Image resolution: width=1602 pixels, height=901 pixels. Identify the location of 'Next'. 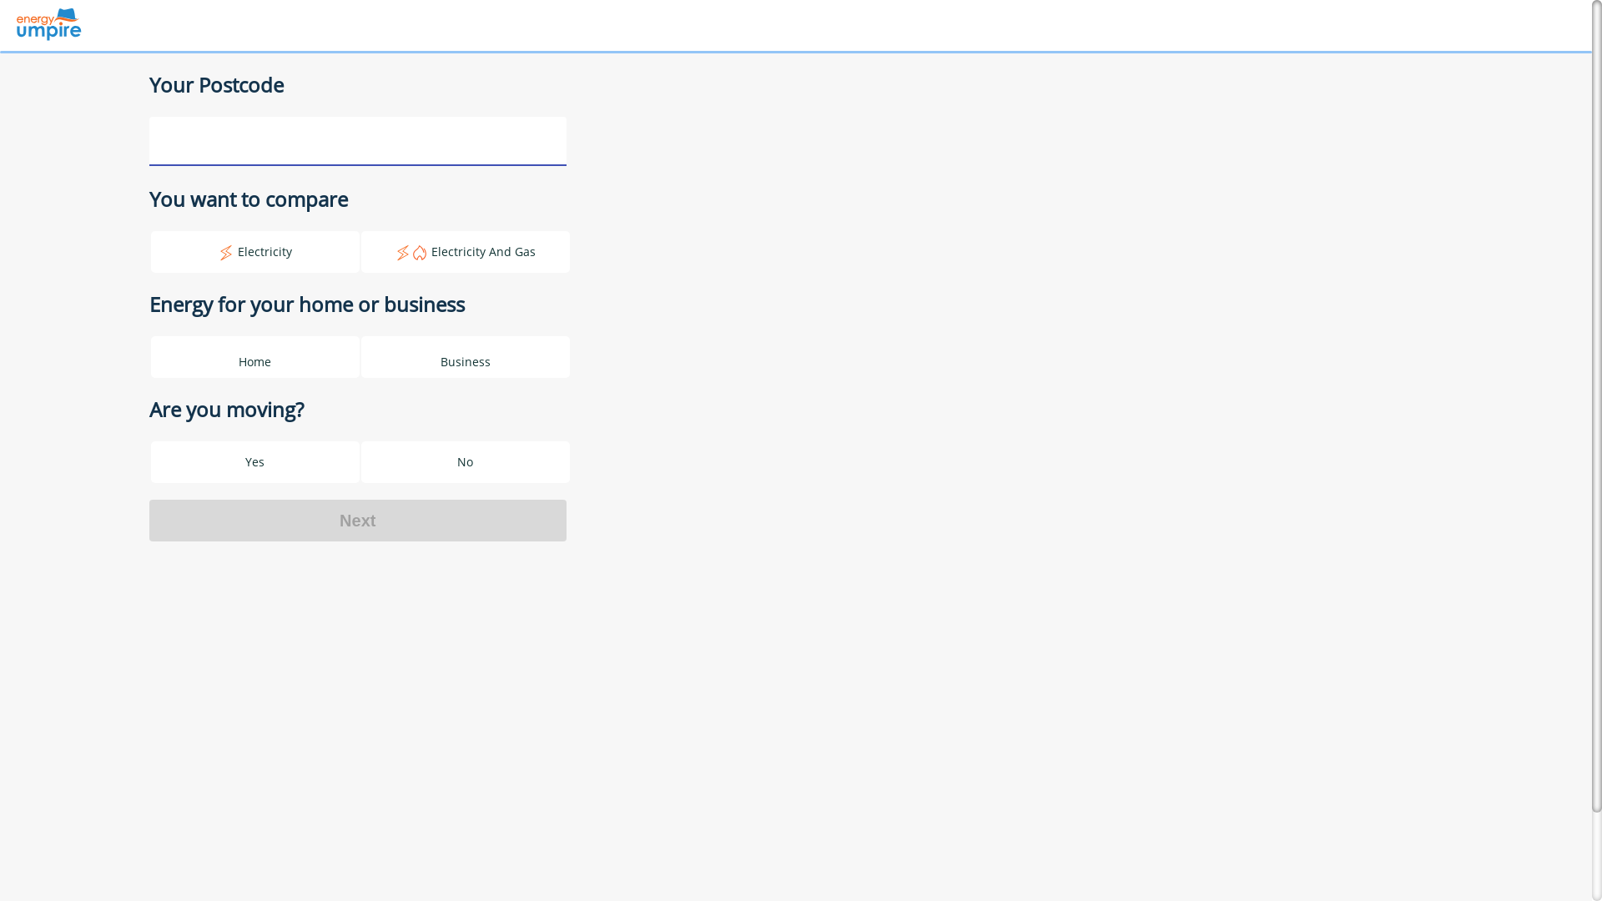
(356, 519).